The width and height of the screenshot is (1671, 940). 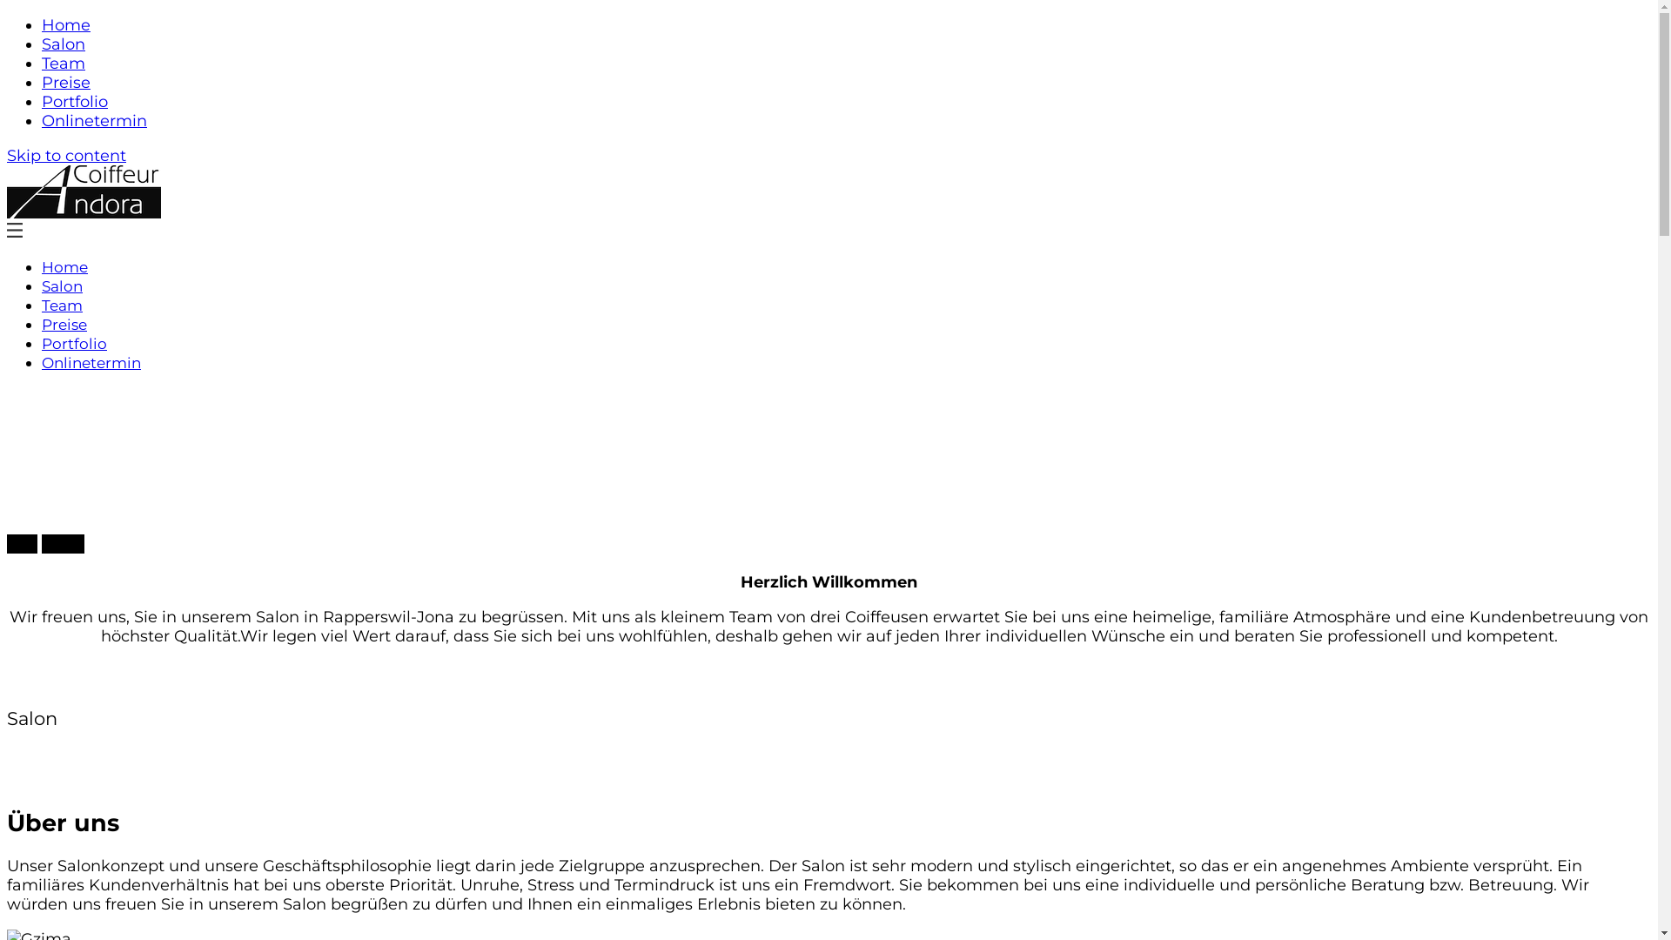 I want to click on 'Preise', so click(x=42, y=83).